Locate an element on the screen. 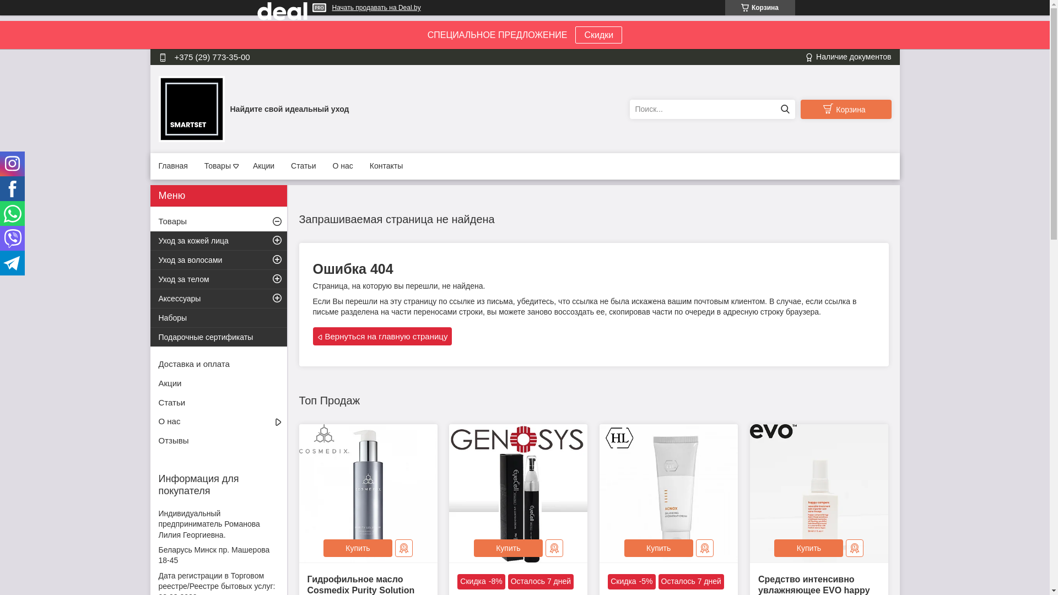 The height and width of the screenshot is (595, 1058). 'Smartset' is located at coordinates (158, 108).